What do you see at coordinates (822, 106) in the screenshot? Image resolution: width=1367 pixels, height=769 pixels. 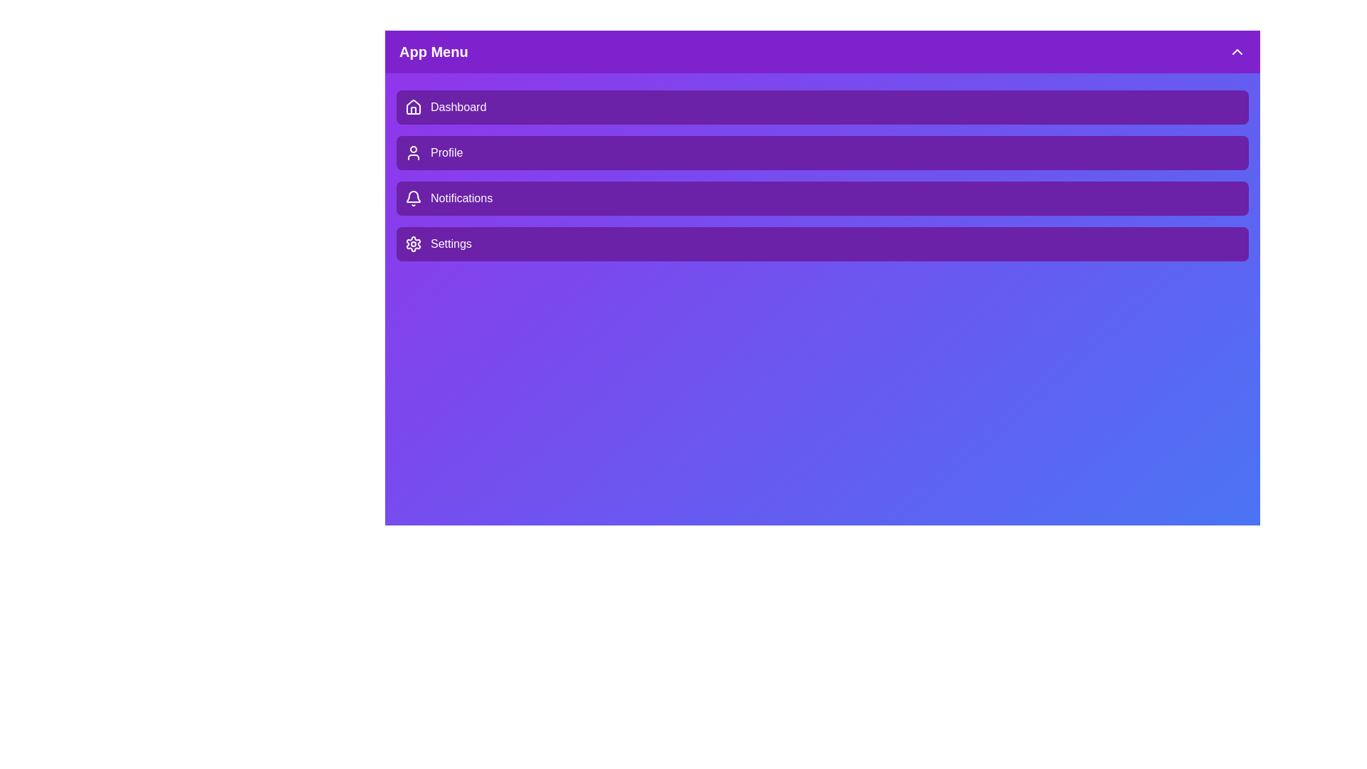 I see `the menu item Dashboard by clicking on it` at bounding box center [822, 106].